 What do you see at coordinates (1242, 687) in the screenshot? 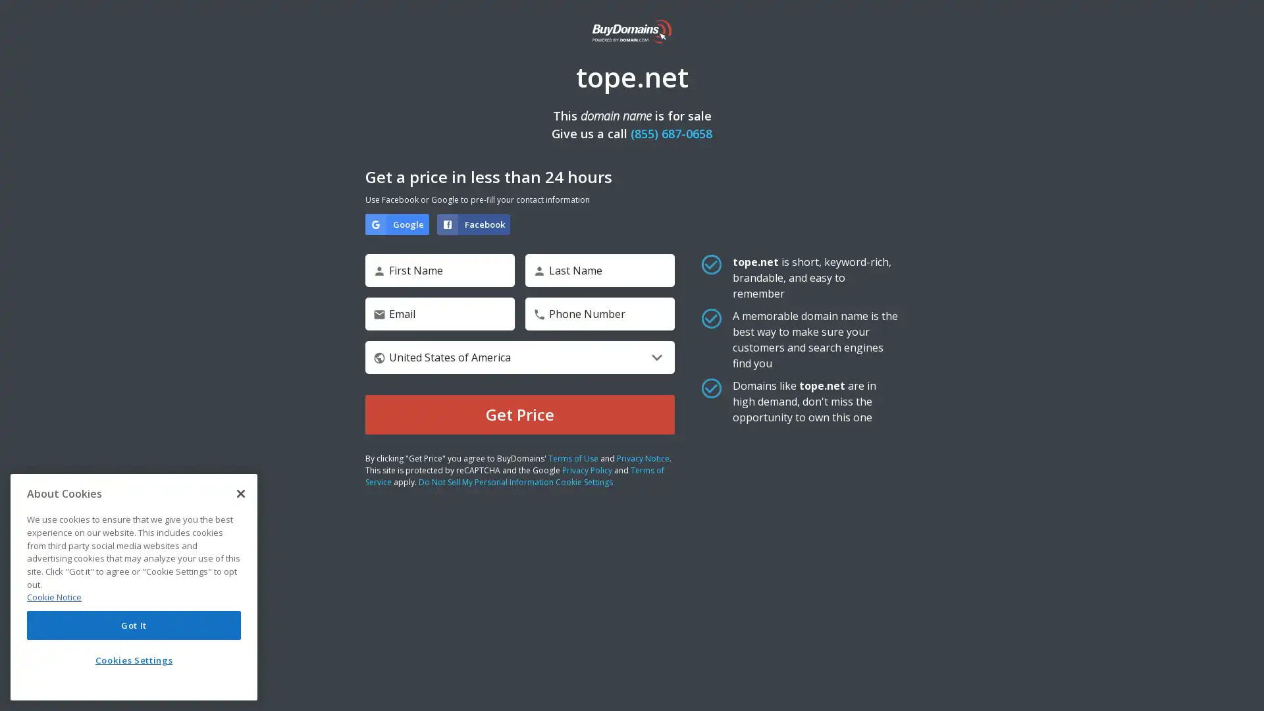
I see `Explore your accessibility options` at bounding box center [1242, 687].